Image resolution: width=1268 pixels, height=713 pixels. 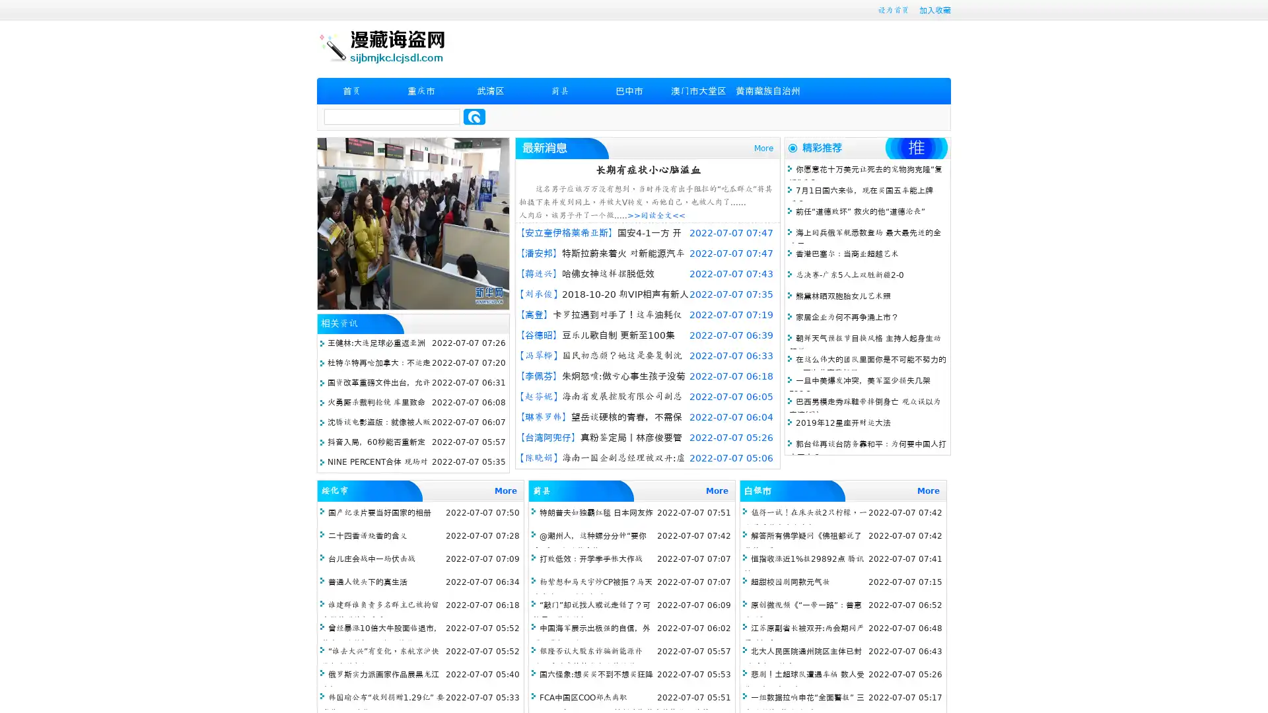 I want to click on Search, so click(x=474, y=116).